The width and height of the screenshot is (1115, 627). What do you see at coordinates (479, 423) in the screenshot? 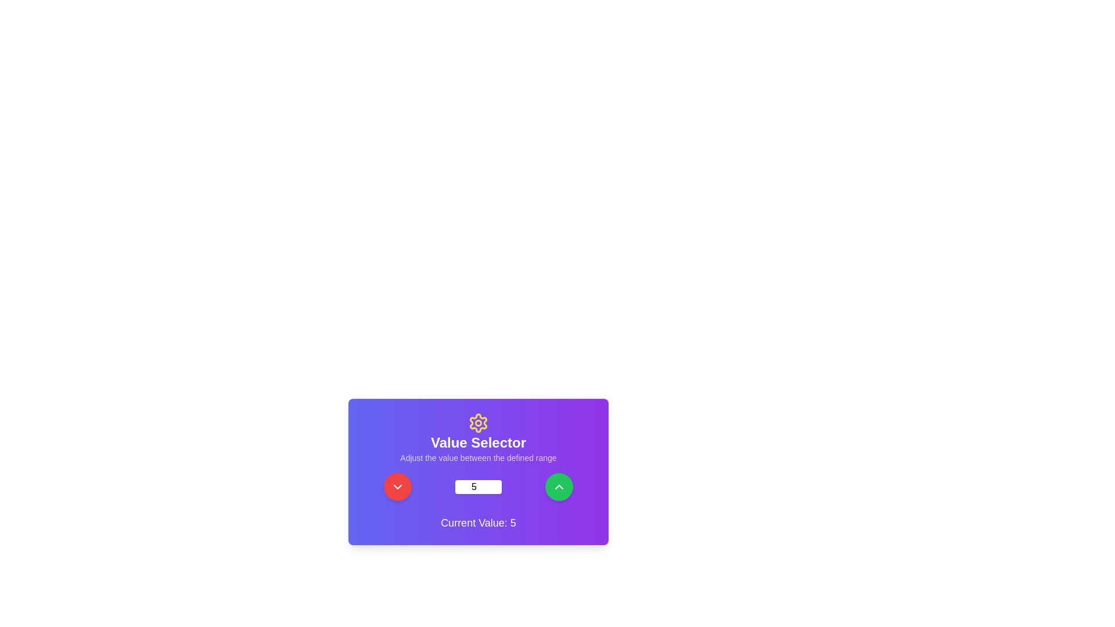
I see `the central circular graphic element of the decorative gear icon located at the top center of the card-like interface` at bounding box center [479, 423].